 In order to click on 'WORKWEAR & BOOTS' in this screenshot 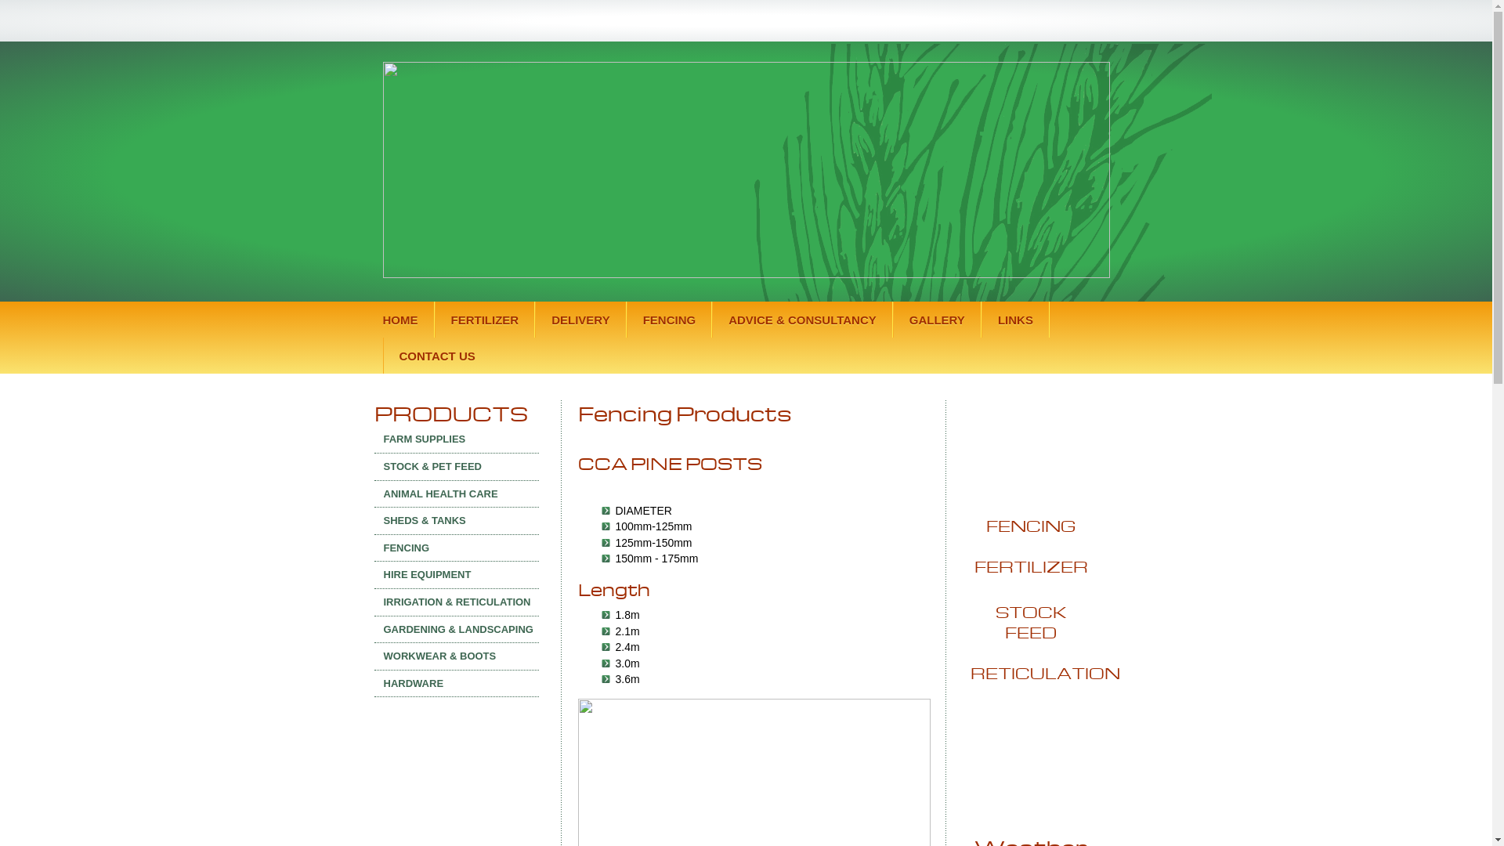, I will do `click(455, 656)`.